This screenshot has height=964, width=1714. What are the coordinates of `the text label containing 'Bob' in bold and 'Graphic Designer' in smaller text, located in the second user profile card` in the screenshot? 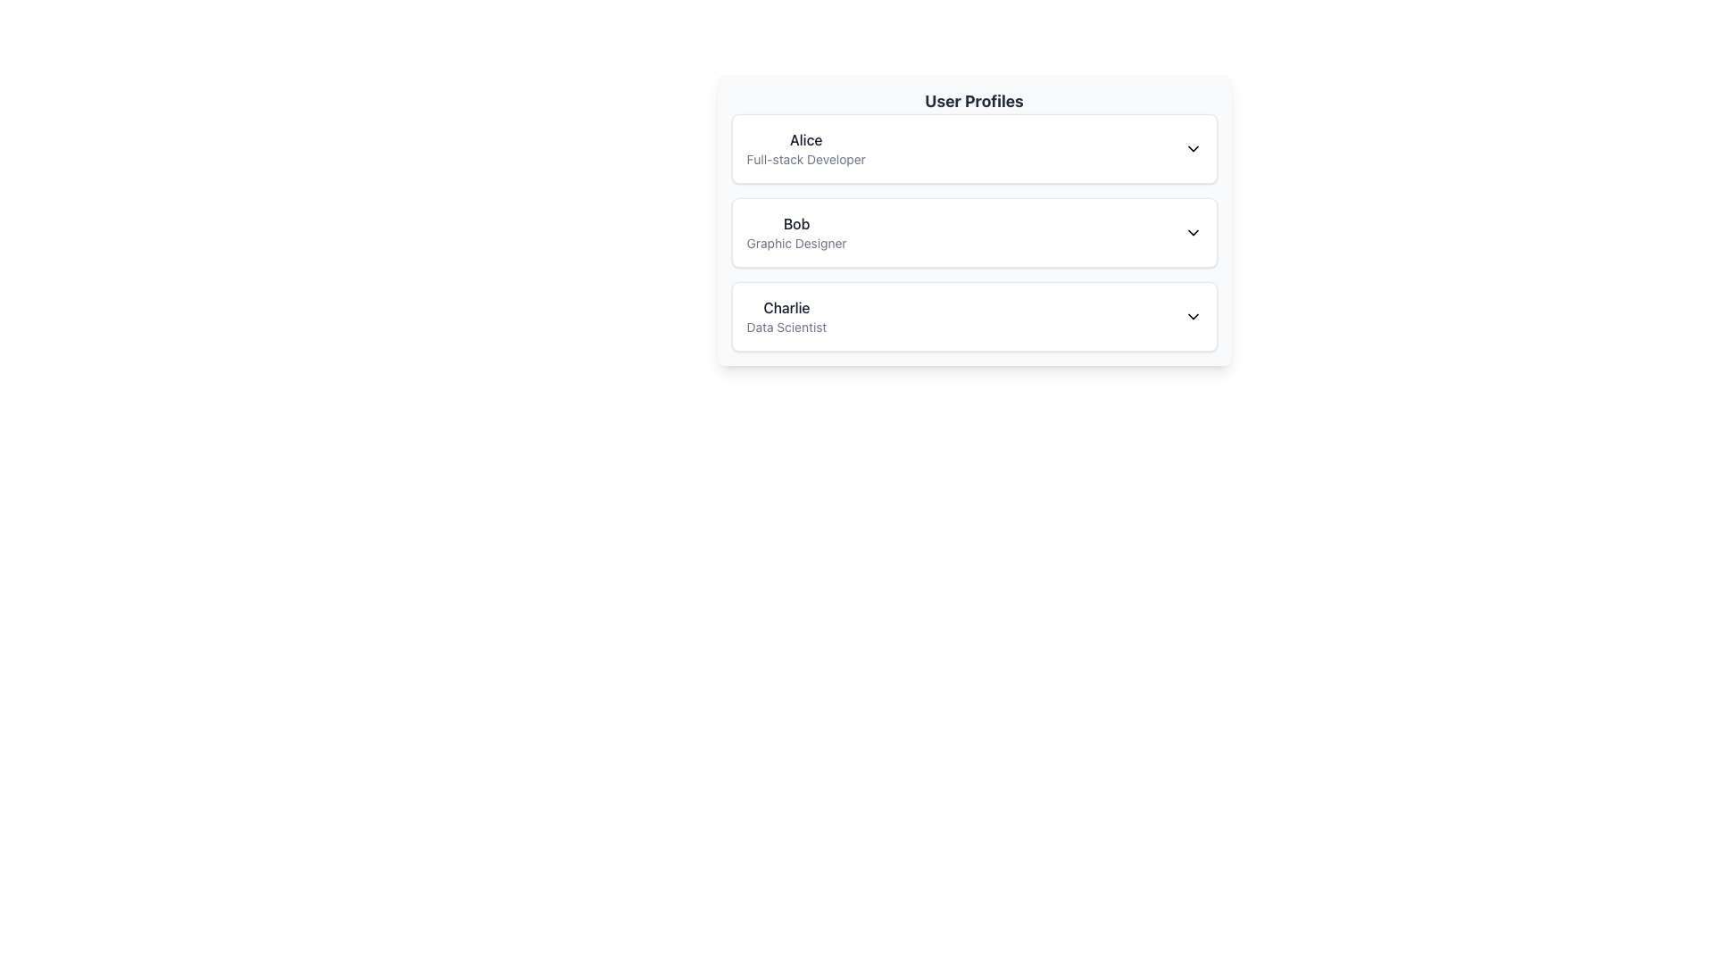 It's located at (795, 232).